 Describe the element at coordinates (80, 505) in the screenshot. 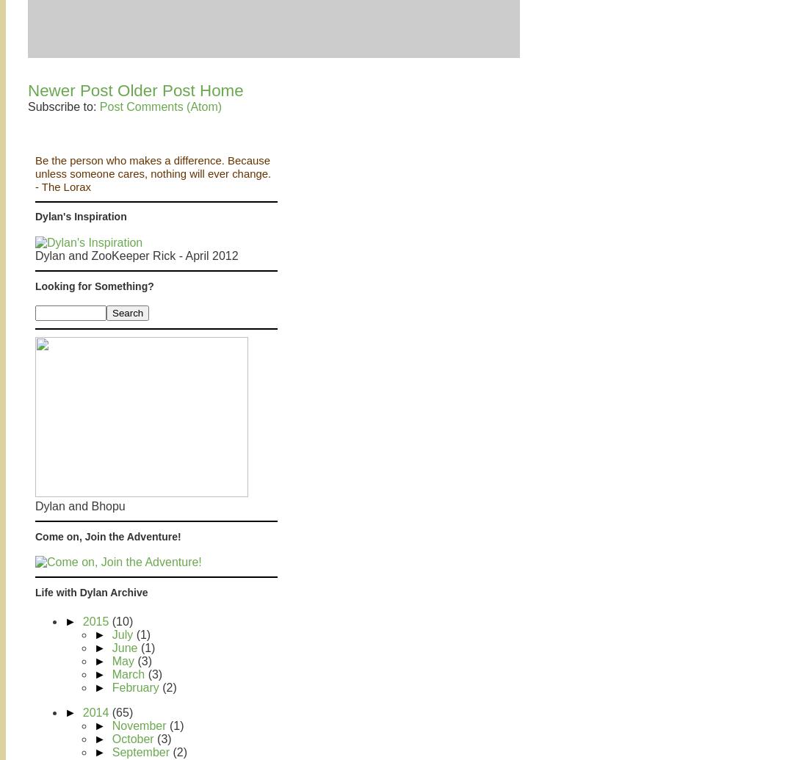

I see `'Dylan and Bhopu'` at that location.